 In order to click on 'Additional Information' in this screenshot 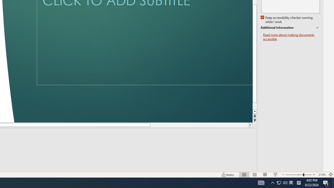, I will do `click(290, 28)`.